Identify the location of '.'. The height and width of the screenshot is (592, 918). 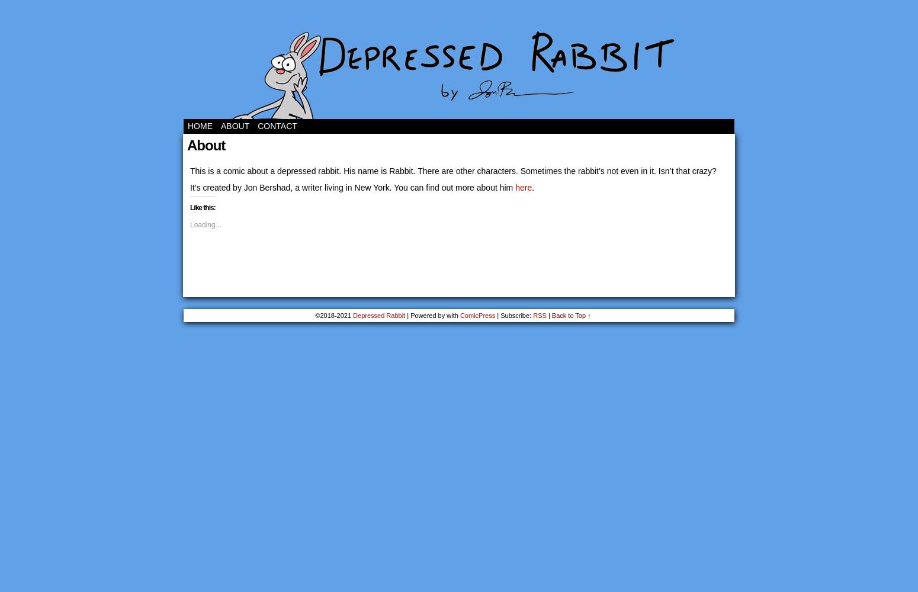
(532, 187).